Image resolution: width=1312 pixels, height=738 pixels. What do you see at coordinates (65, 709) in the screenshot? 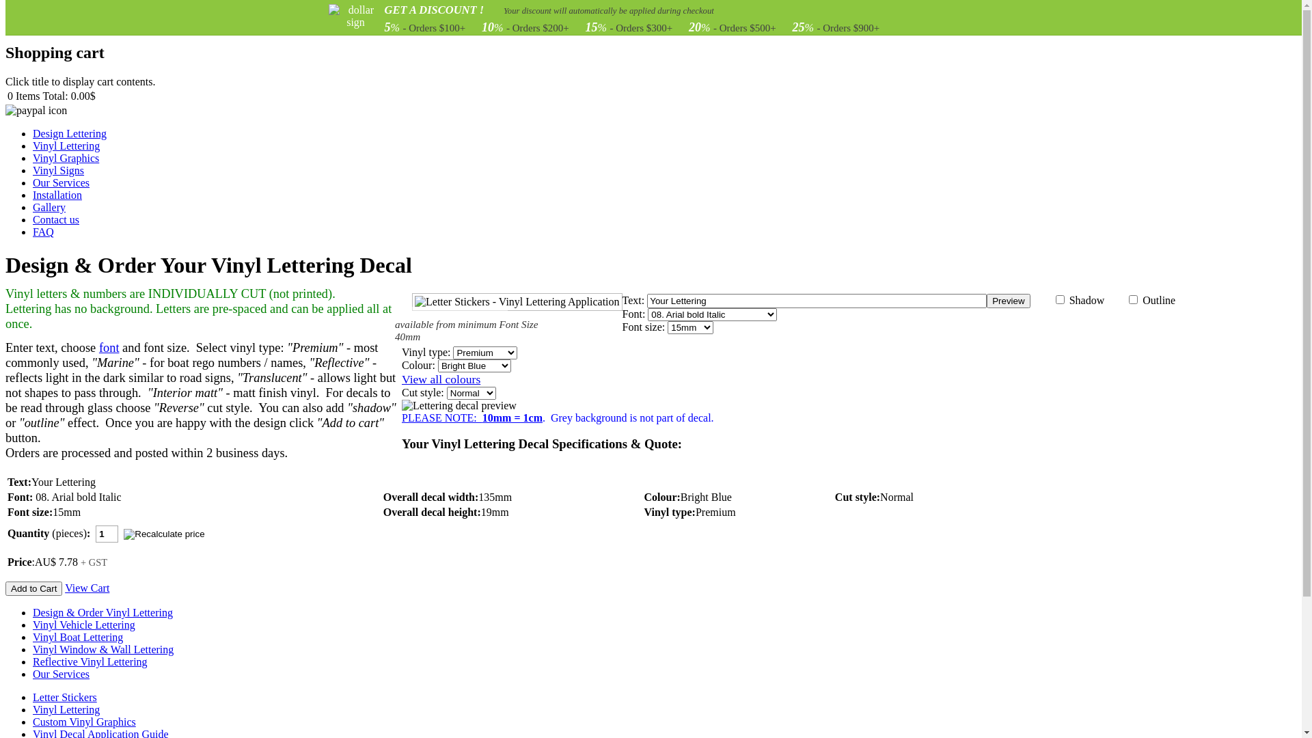
I see `'Vinyl Lettering'` at bounding box center [65, 709].